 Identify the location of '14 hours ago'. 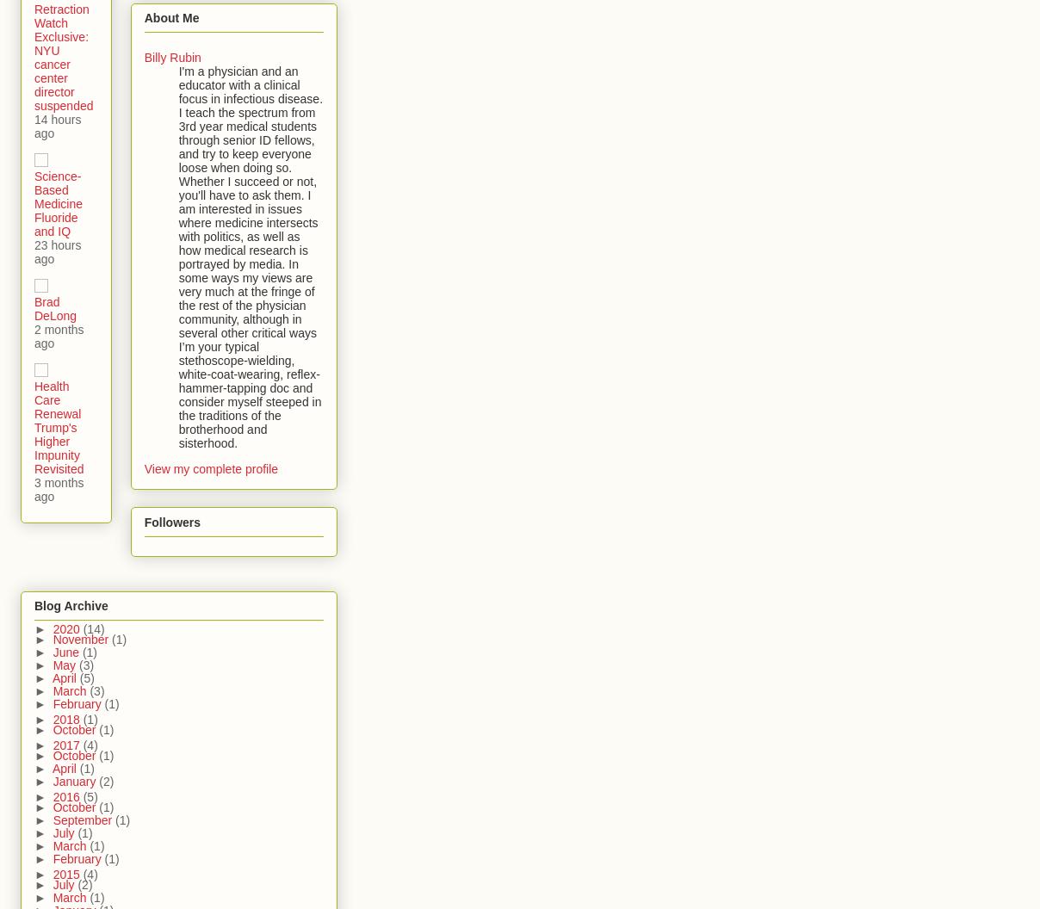
(57, 126).